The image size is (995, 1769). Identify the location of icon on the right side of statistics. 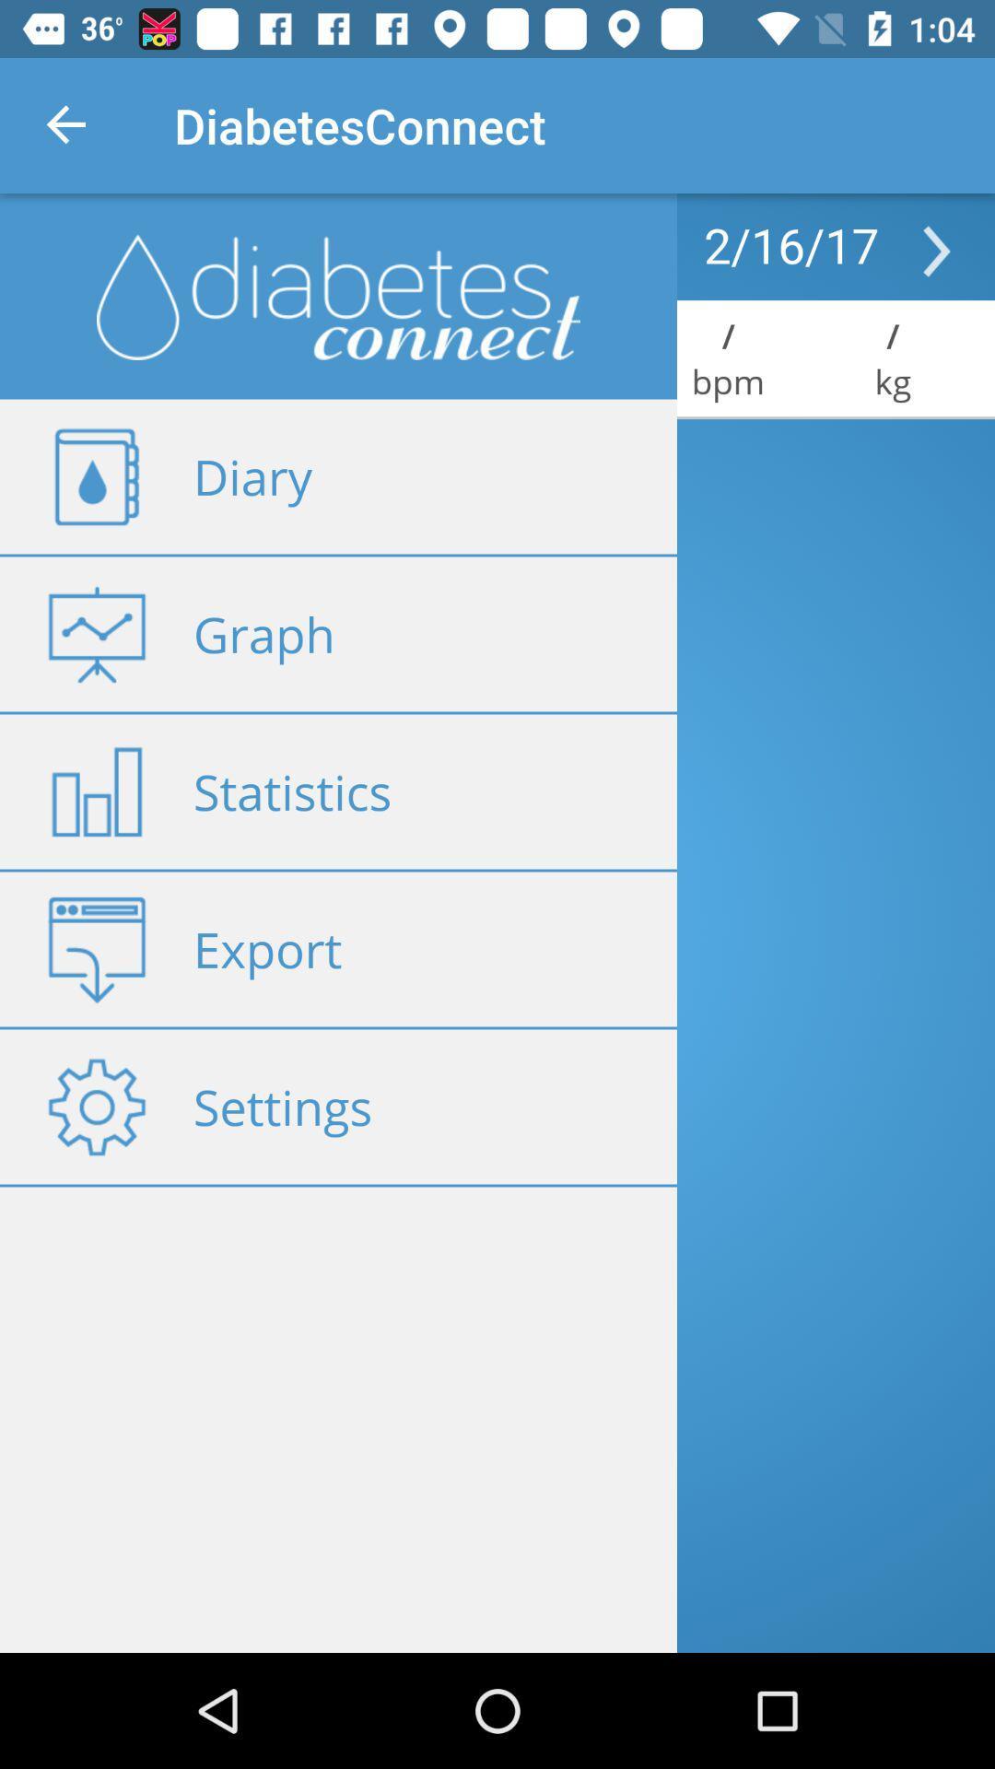
(96, 791).